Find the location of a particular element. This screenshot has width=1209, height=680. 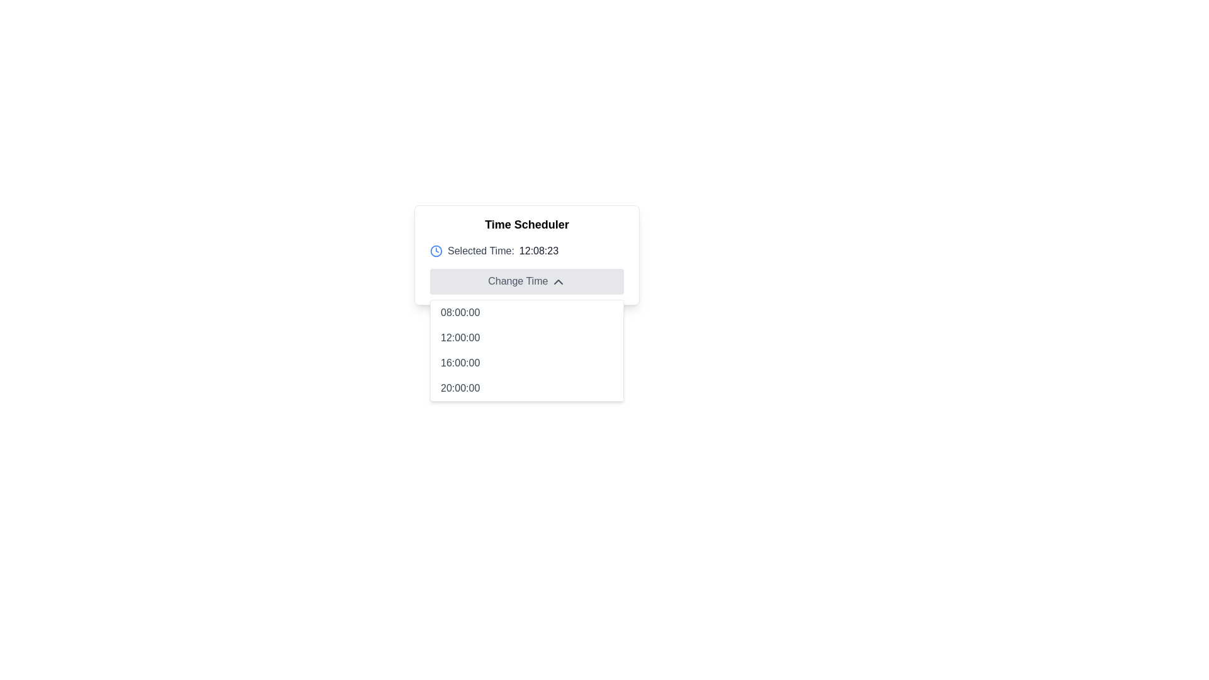

the selectable list item representing '12:00:00' in the dropdown menu is located at coordinates (526, 337).